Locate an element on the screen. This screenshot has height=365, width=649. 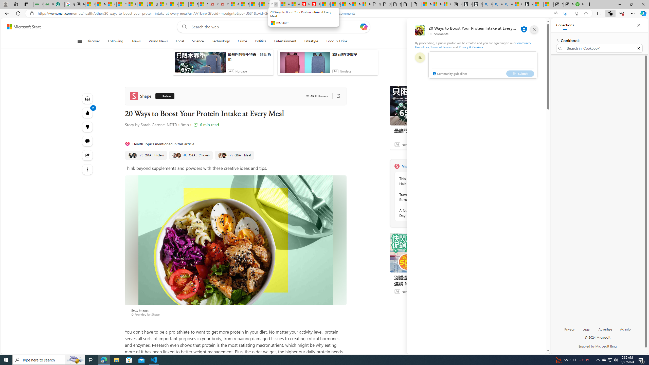
'Local' is located at coordinates (180, 41).